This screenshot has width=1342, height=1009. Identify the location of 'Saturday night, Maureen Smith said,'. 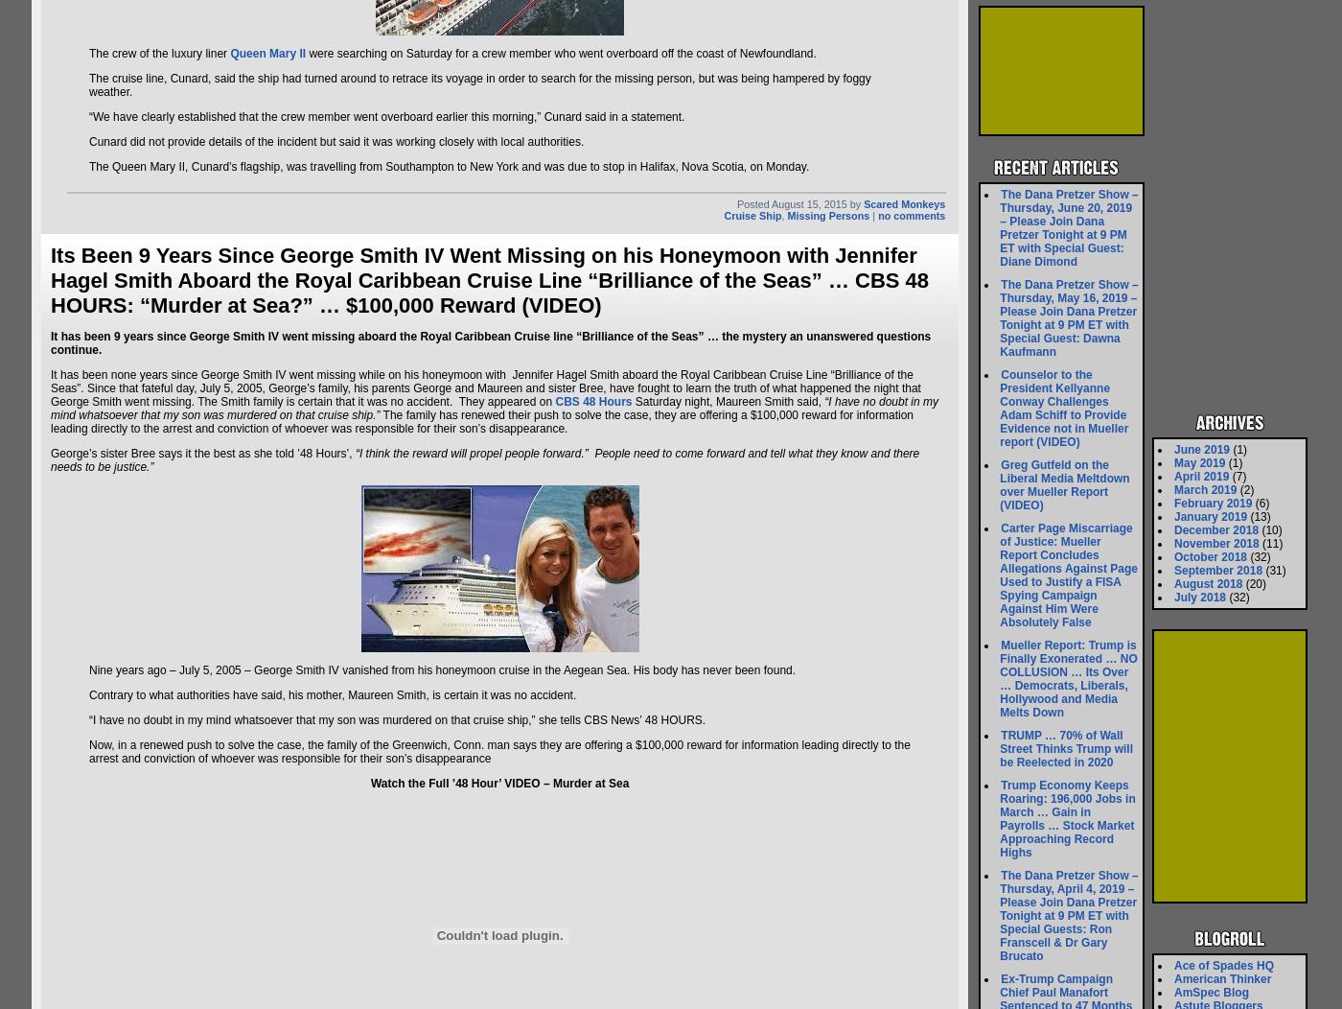
(727, 401).